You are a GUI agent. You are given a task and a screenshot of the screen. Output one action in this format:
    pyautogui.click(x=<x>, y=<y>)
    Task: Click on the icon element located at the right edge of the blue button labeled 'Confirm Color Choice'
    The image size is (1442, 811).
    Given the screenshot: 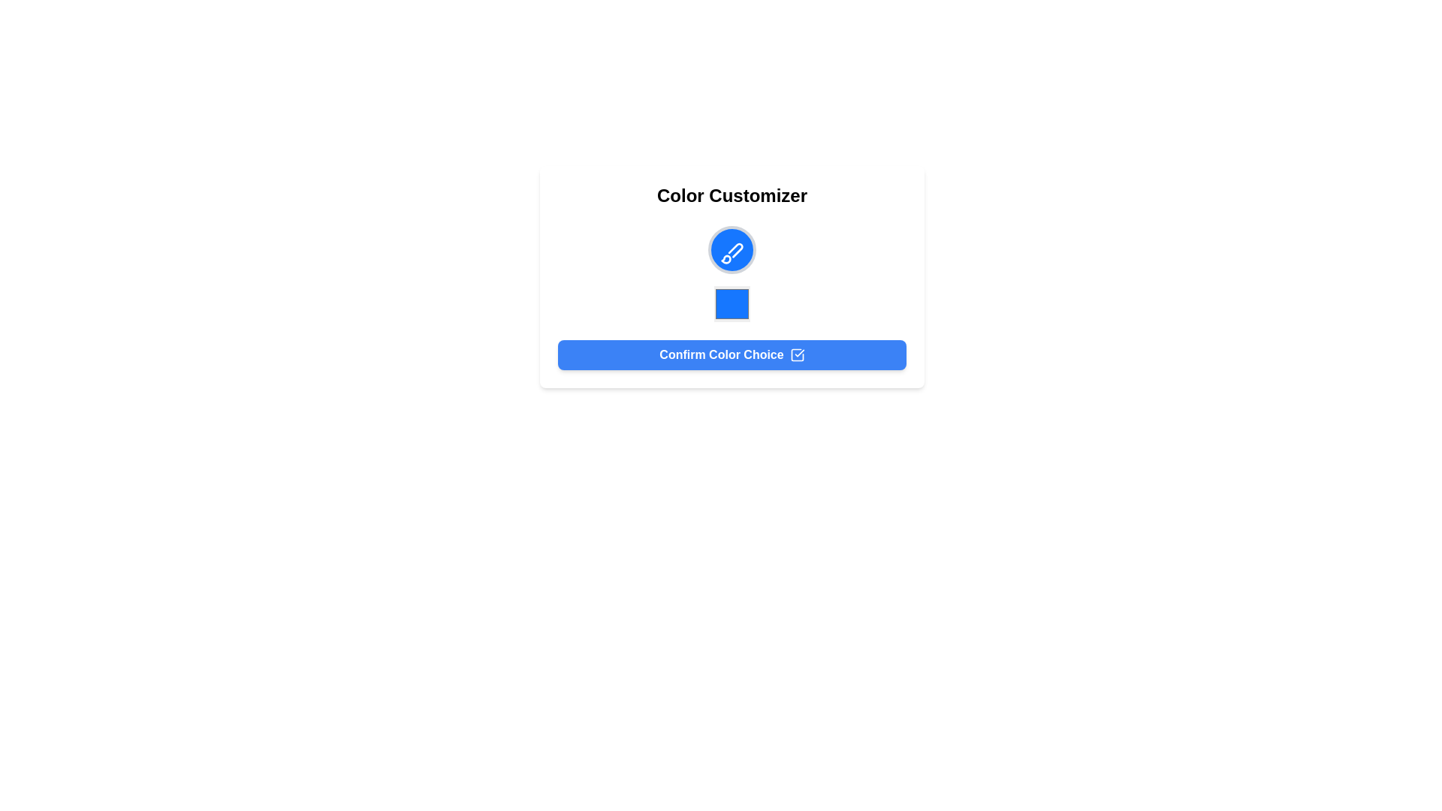 What is the action you would take?
    pyautogui.click(x=796, y=355)
    